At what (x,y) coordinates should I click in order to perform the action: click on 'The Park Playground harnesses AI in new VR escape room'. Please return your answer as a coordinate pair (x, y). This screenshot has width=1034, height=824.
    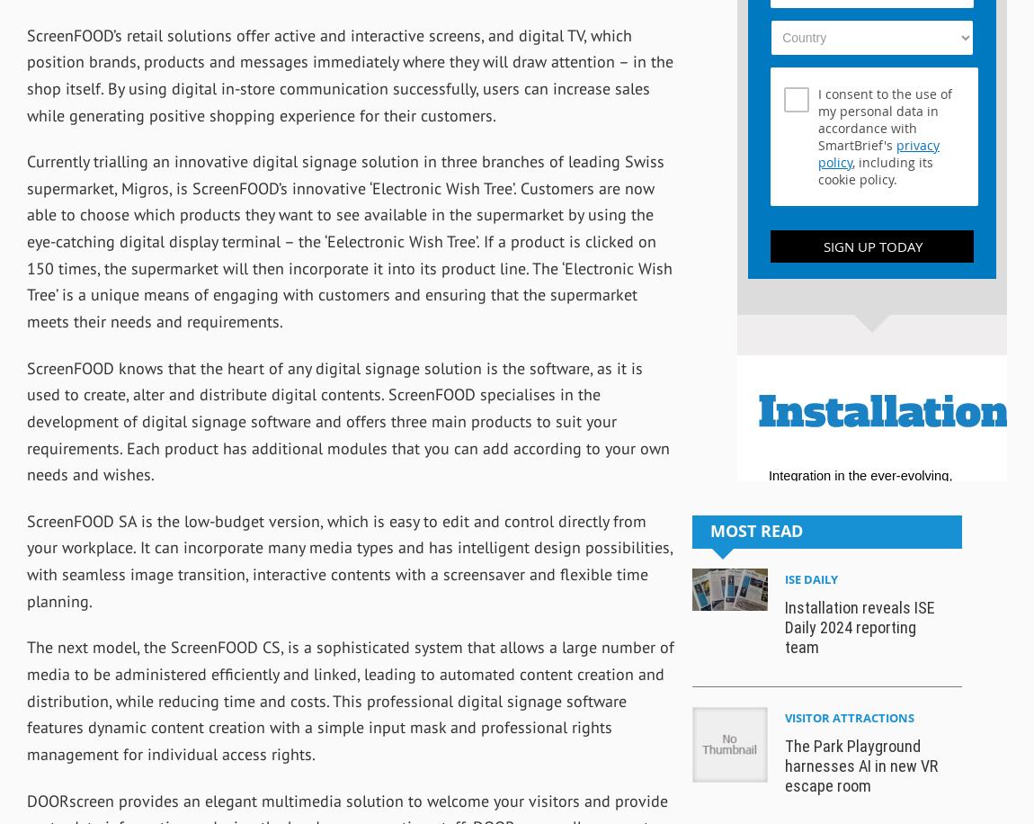
    Looking at the image, I should click on (860, 766).